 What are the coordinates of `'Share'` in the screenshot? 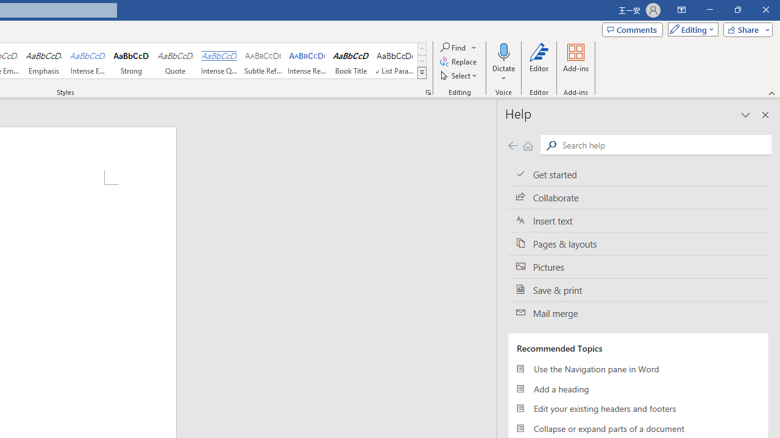 It's located at (745, 29).